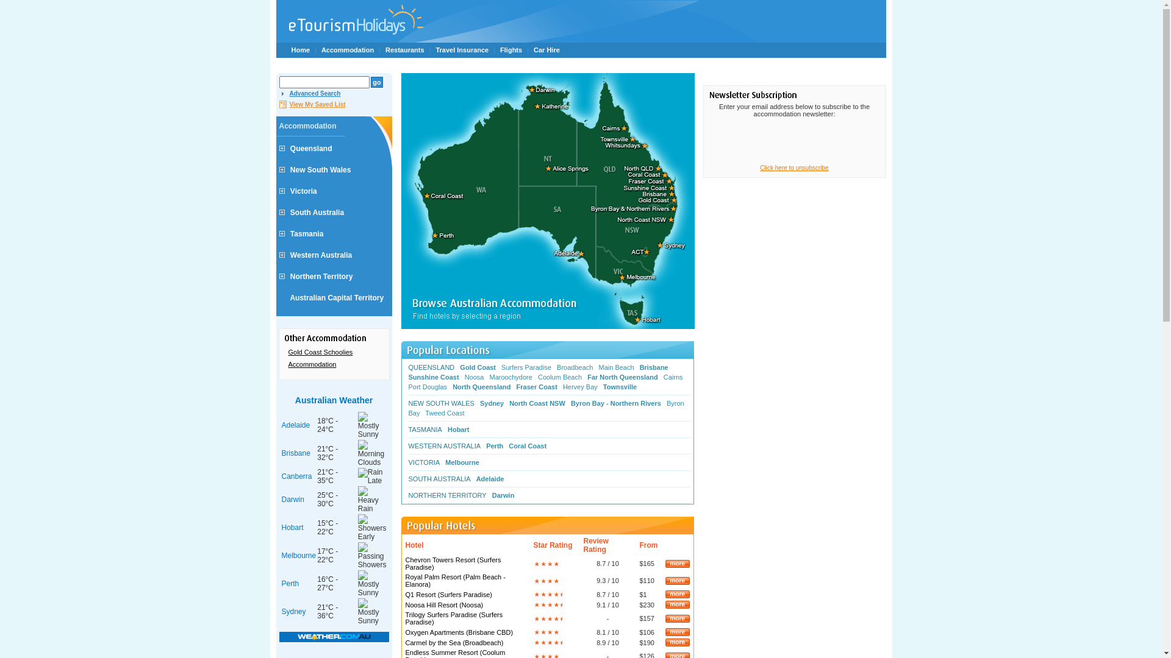 Image resolution: width=1171 pixels, height=658 pixels. What do you see at coordinates (296, 425) in the screenshot?
I see `'Adelaide'` at bounding box center [296, 425].